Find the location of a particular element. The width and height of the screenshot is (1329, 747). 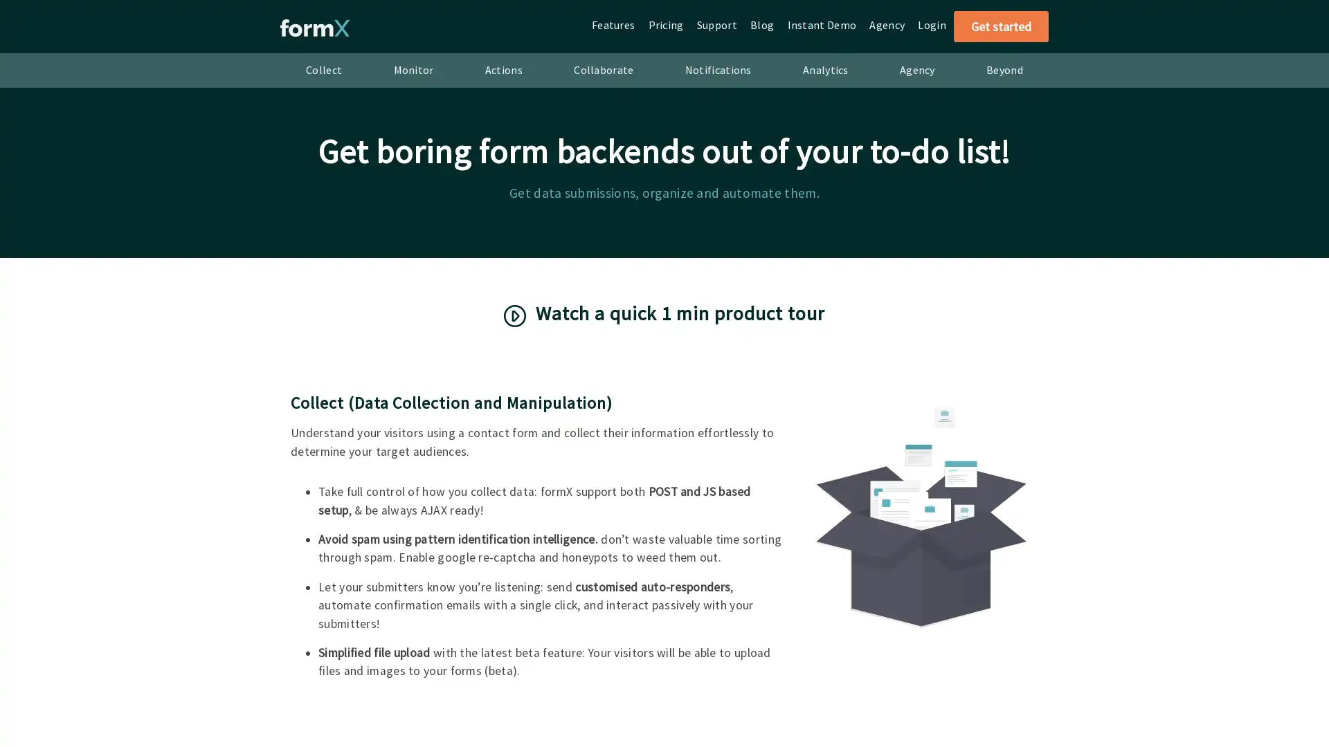

Get started is located at coordinates (1001, 26).